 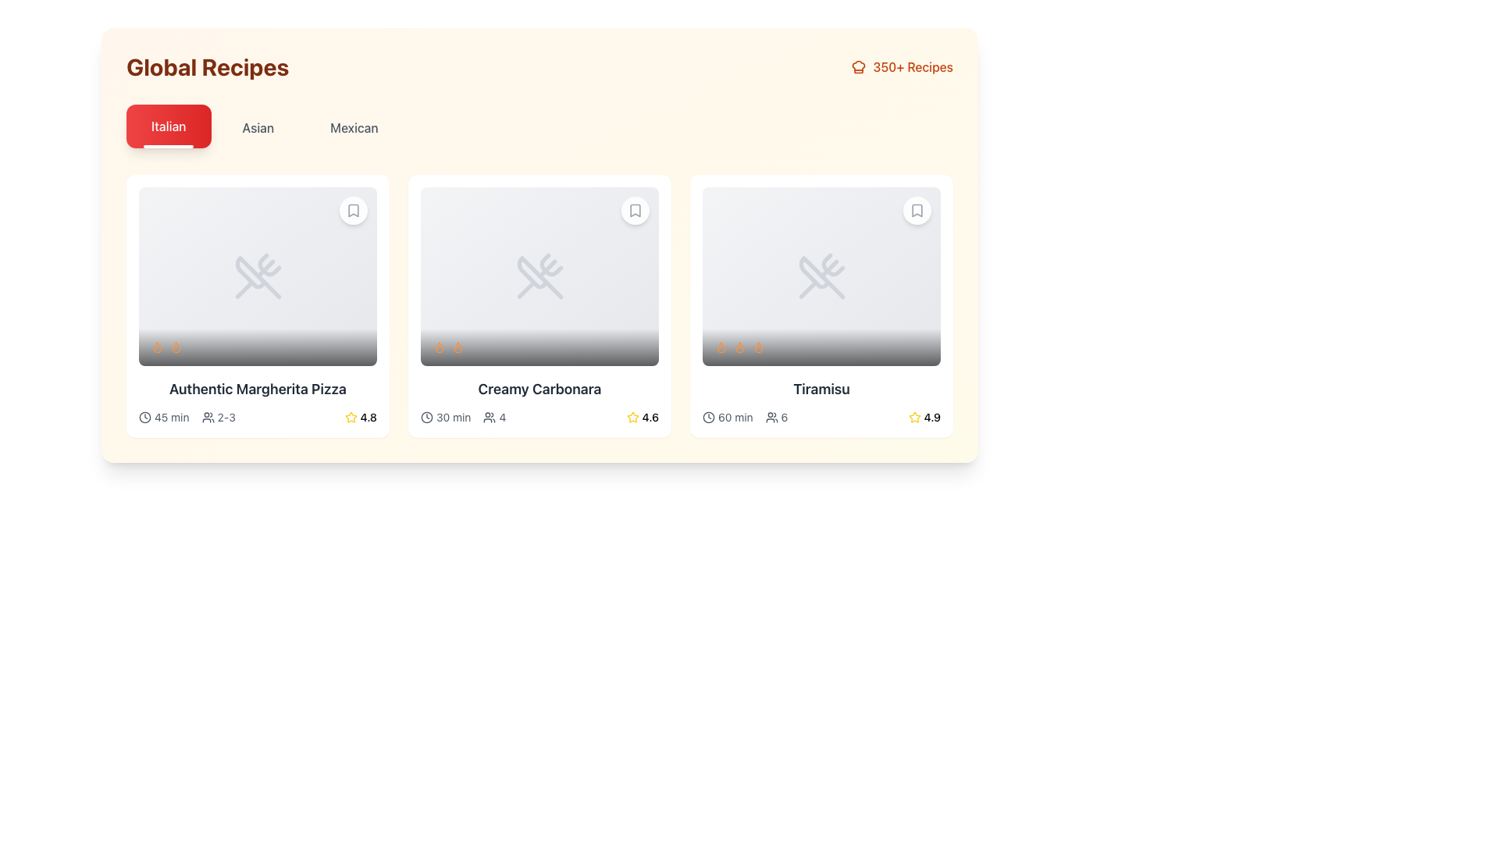 I want to click on the Decorative icon in the 'Authentic Margherita Pizza' card within the 'Italian' section of the 'Global Recipes' interface, so click(x=258, y=276).